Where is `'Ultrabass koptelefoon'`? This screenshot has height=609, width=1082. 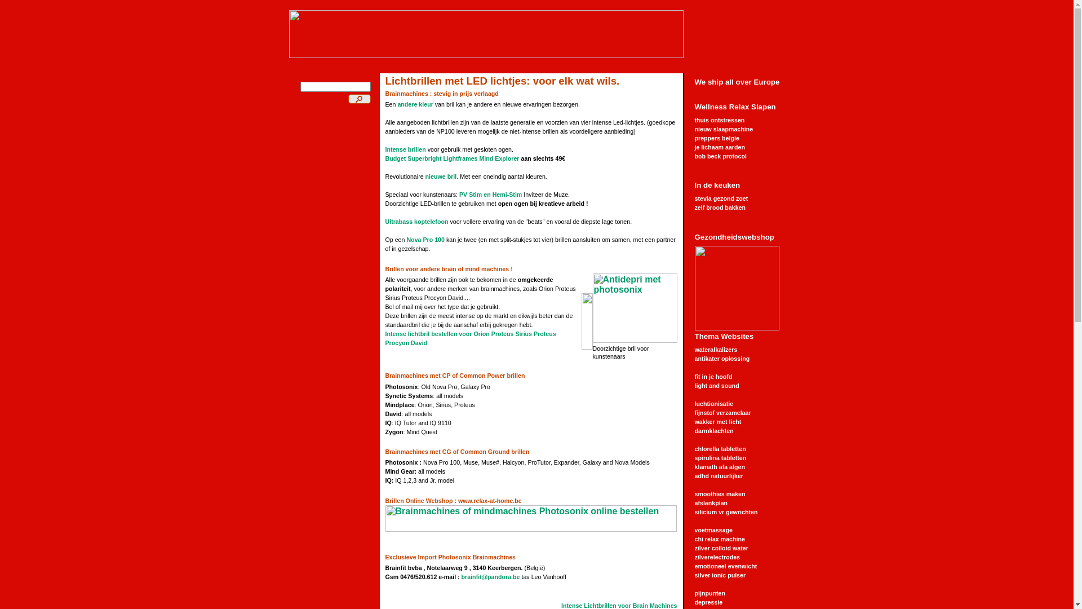
'Ultrabass koptelefoon' is located at coordinates (416, 222).